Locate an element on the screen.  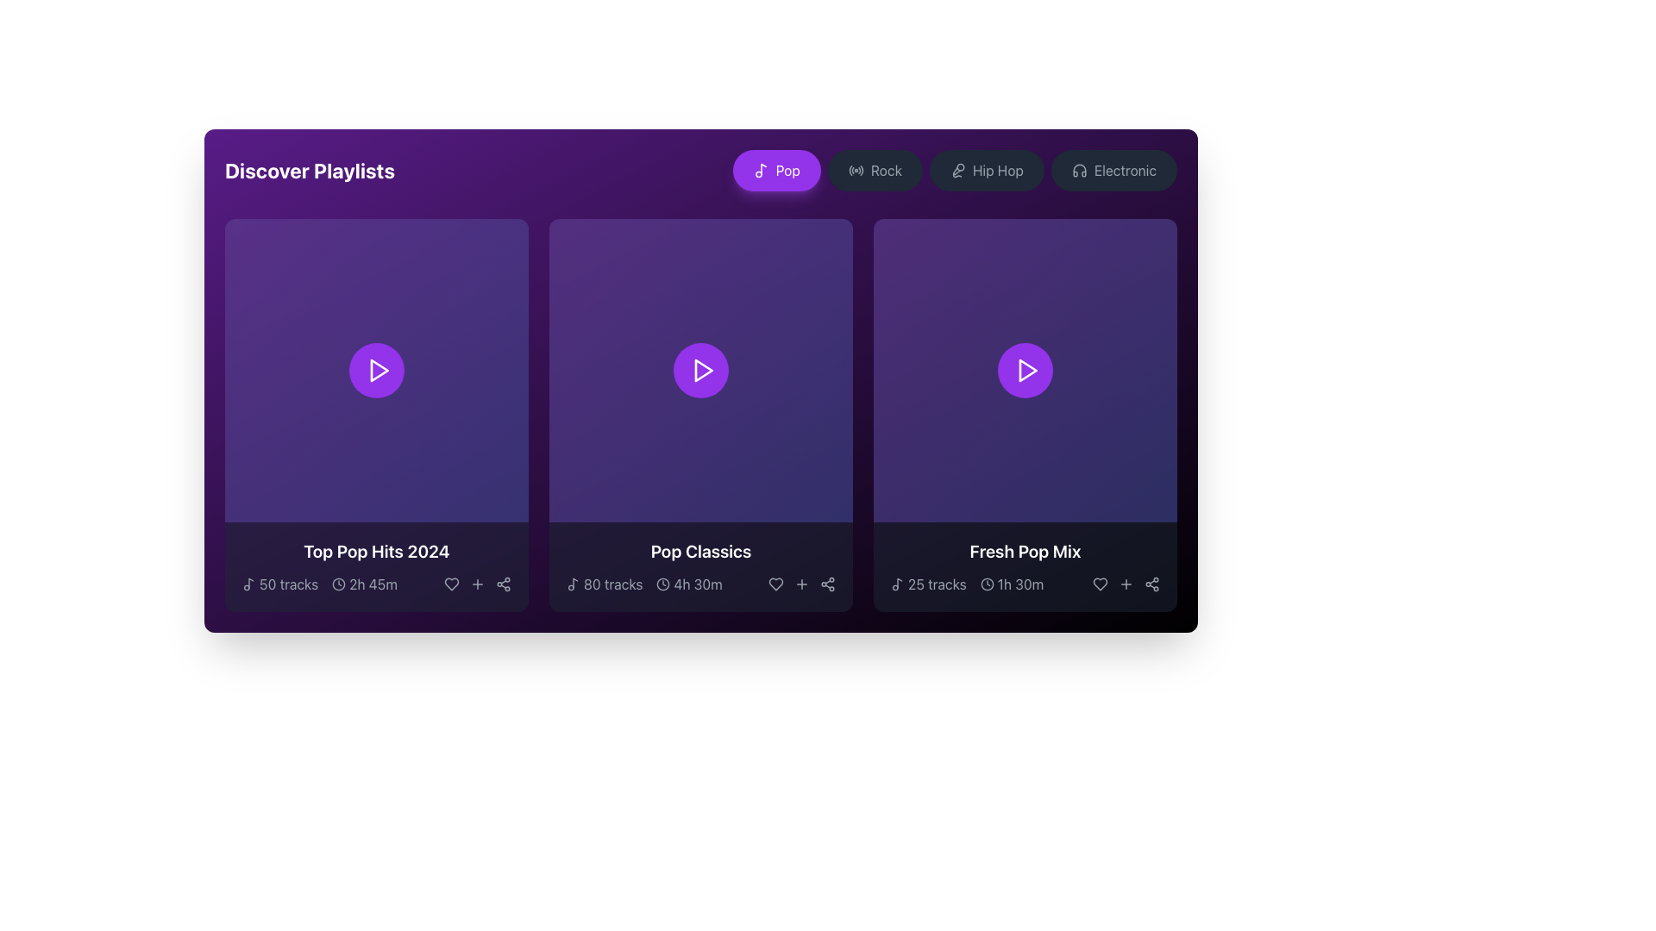
the triangular play button located in the middle card of the playlist section, which contains the title 'Pop Classics' is located at coordinates (704, 369).